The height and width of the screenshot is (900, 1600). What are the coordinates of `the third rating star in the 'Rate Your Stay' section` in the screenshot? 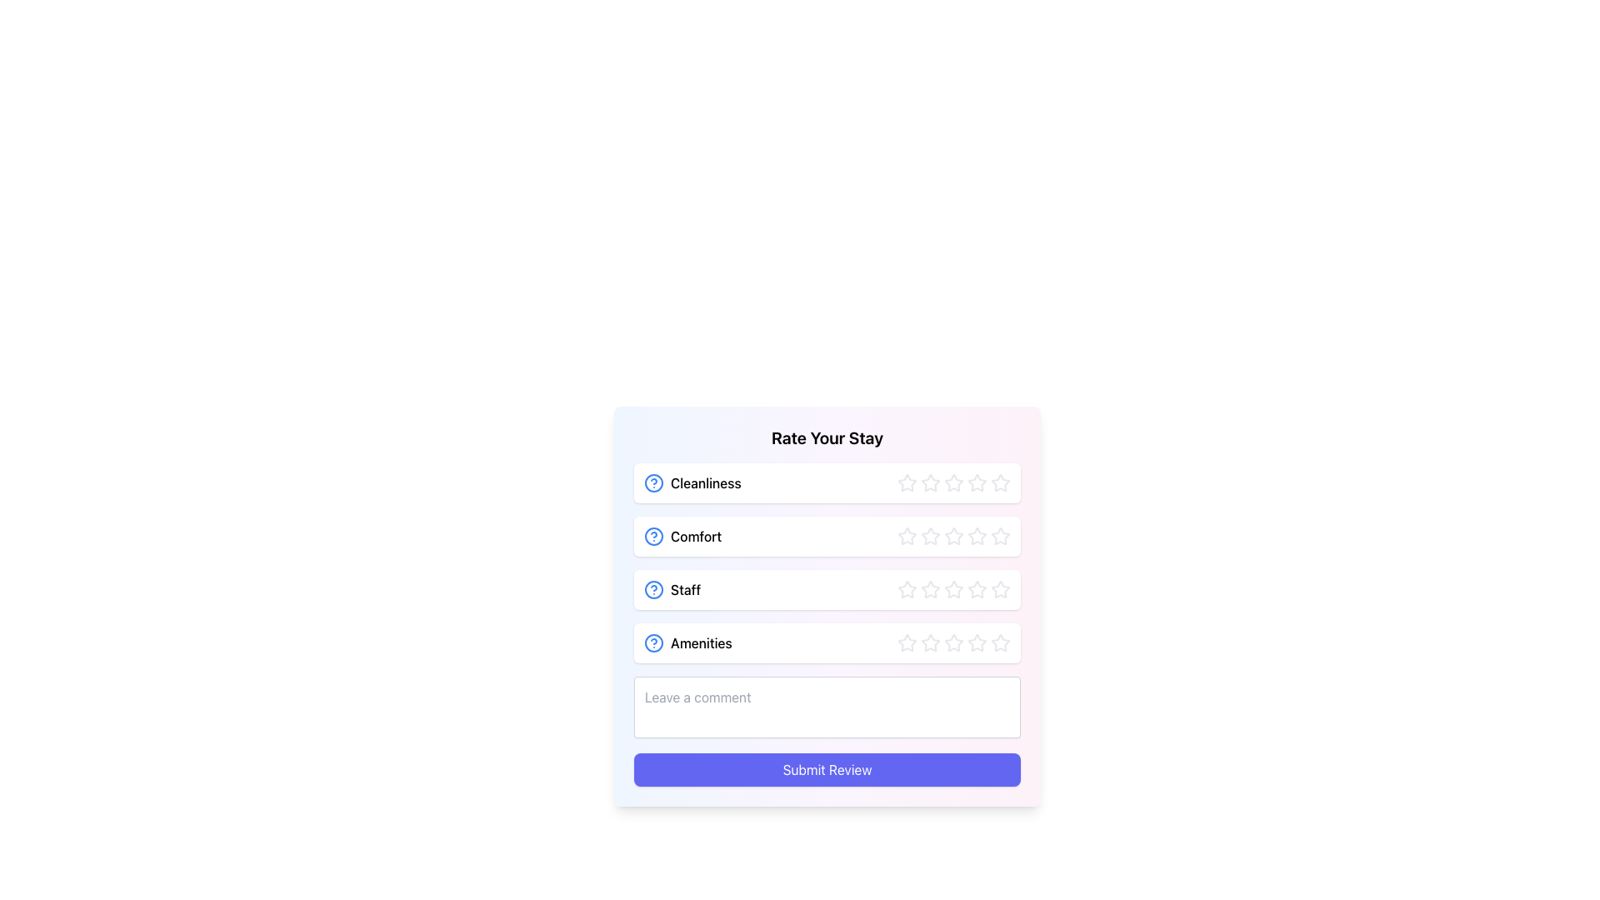 It's located at (954, 482).